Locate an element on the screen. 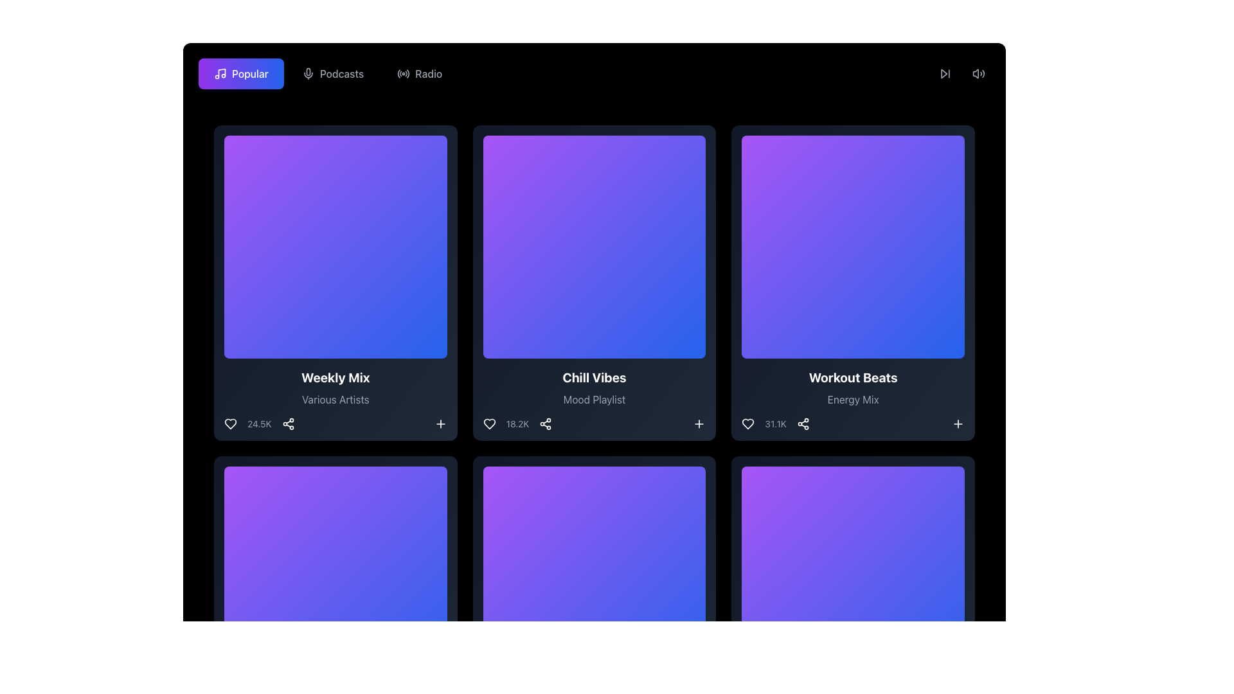  the Text label displaying the count of likes '31.1K' associated with the 'Workout Beats' card, located at the lower part of the card, centered below the title and subtitle, between a heart icon and a share icon is located at coordinates (775, 423).